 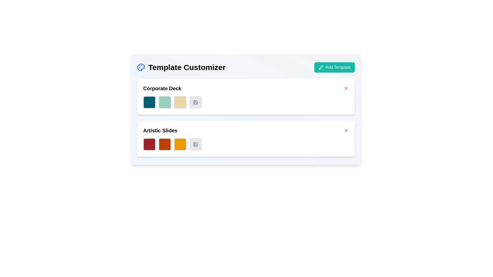 What do you see at coordinates (346, 88) in the screenshot?
I see `the delete or close button (icon) located to the right of the 'Corporate Deck' text` at bounding box center [346, 88].